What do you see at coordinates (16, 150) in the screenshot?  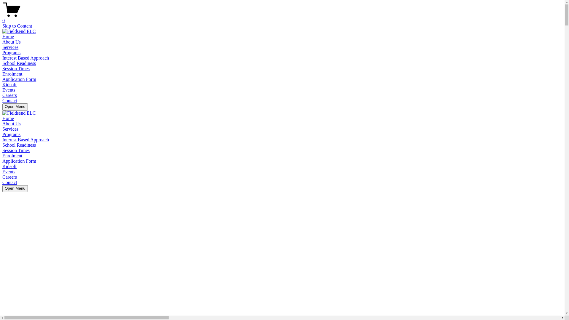 I see `'Session Times'` at bounding box center [16, 150].